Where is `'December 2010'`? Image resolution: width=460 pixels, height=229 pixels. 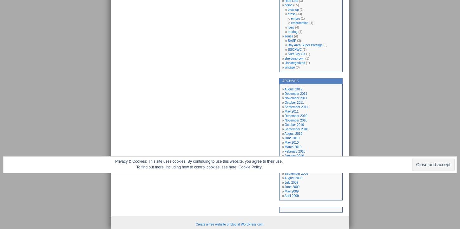
'December 2010' is located at coordinates (295, 116).